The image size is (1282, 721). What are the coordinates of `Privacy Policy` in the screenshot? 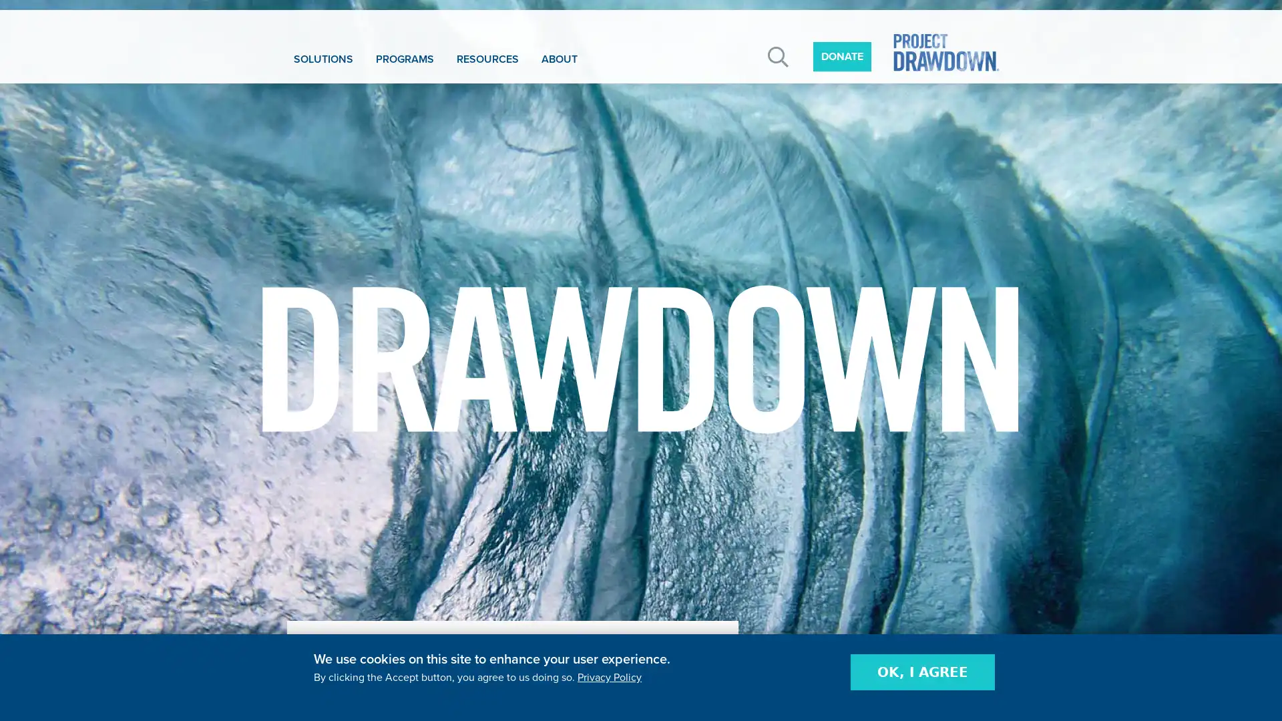 It's located at (608, 677).